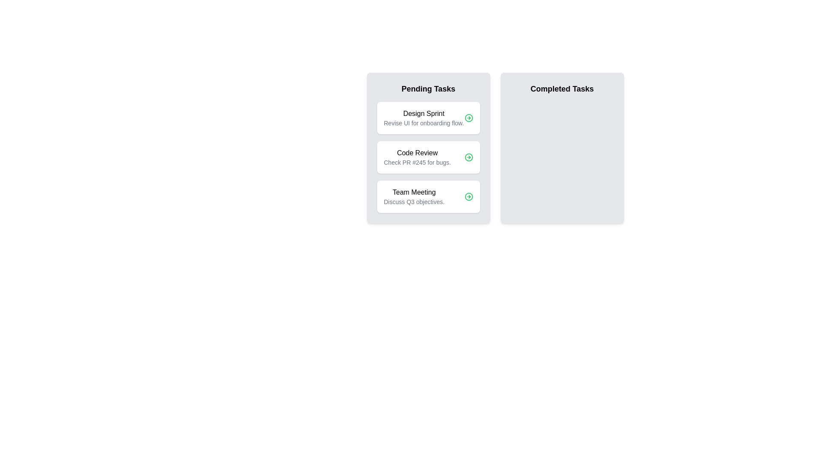  Describe the element at coordinates (468, 157) in the screenshot. I see `action button for the task 'Code Review' to move it between Pending and Completed` at that location.